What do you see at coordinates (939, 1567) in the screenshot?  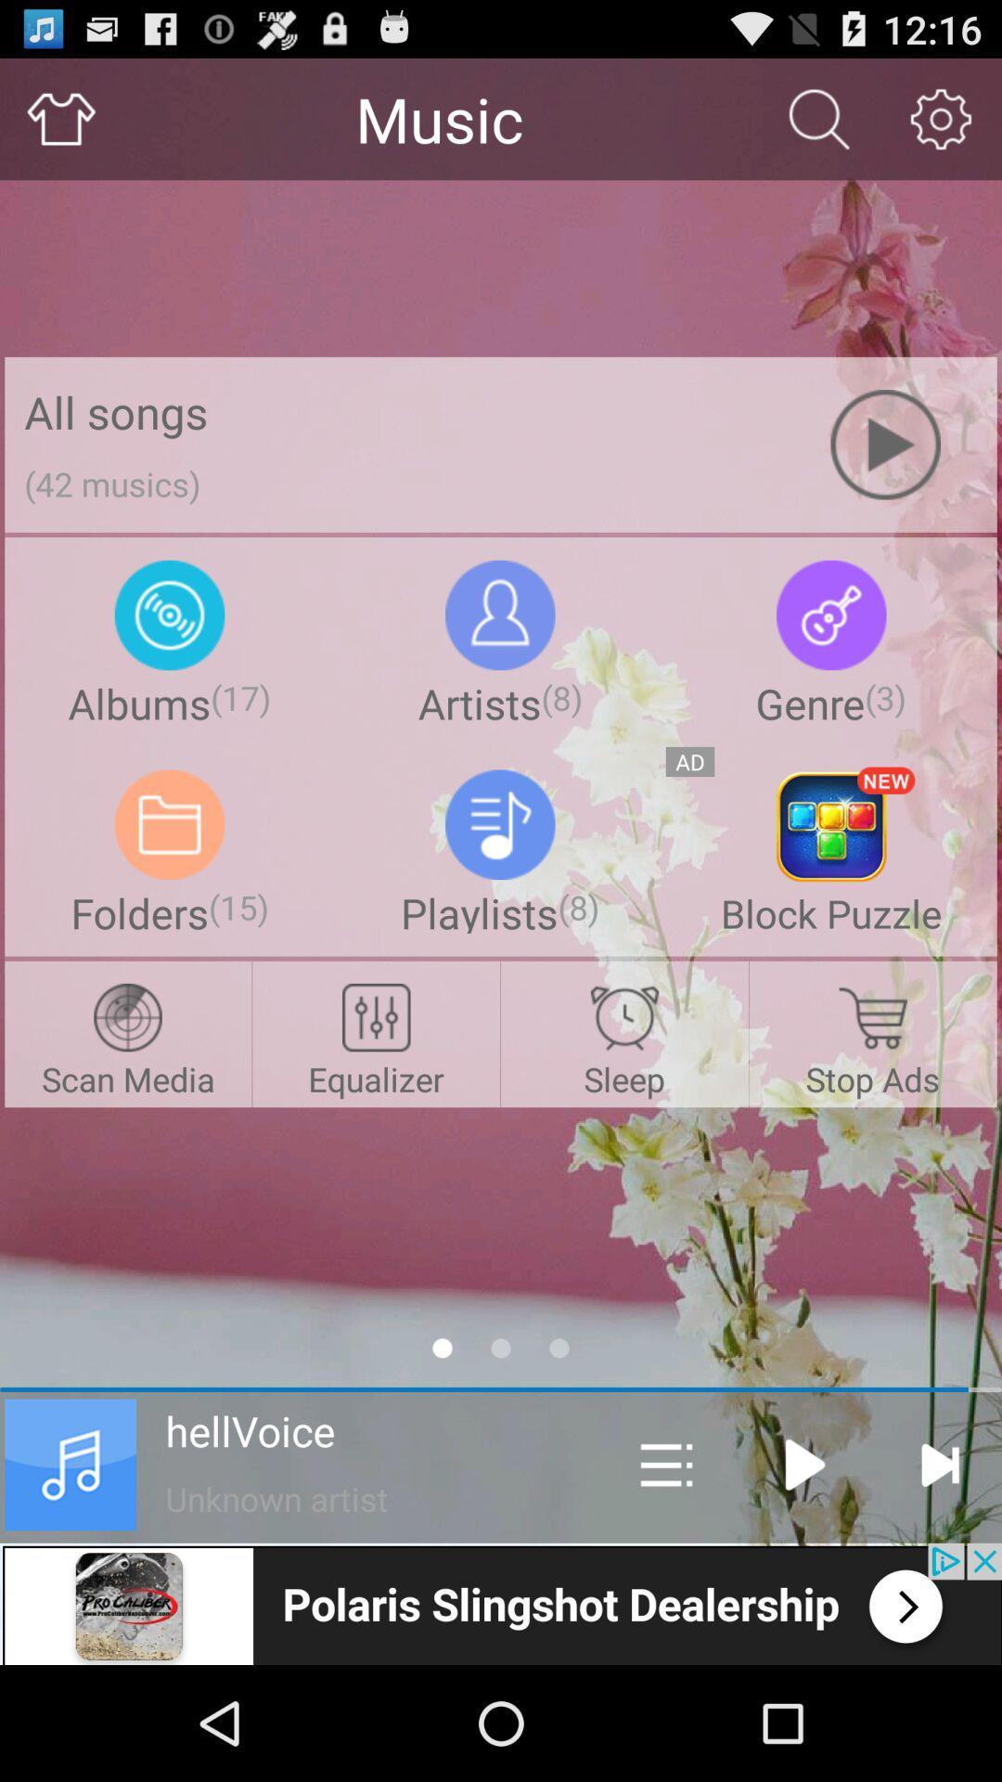 I see `the skip_next icon` at bounding box center [939, 1567].